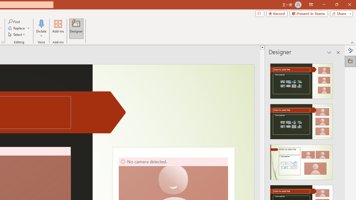  What do you see at coordinates (277, 13) in the screenshot?
I see `'Record'` at bounding box center [277, 13].